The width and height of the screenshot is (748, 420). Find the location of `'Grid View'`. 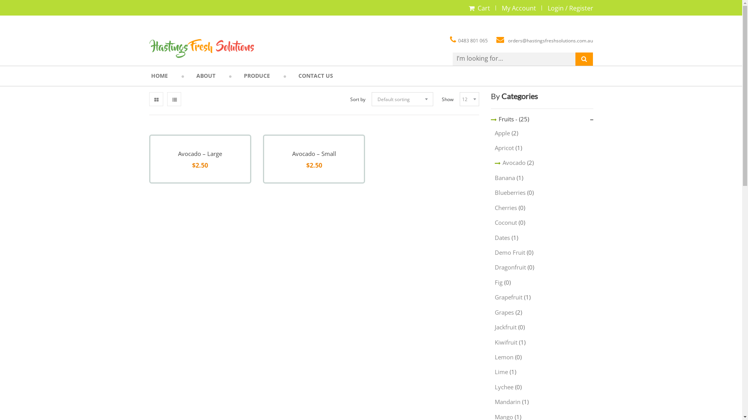

'Grid View' is located at coordinates (155, 98).